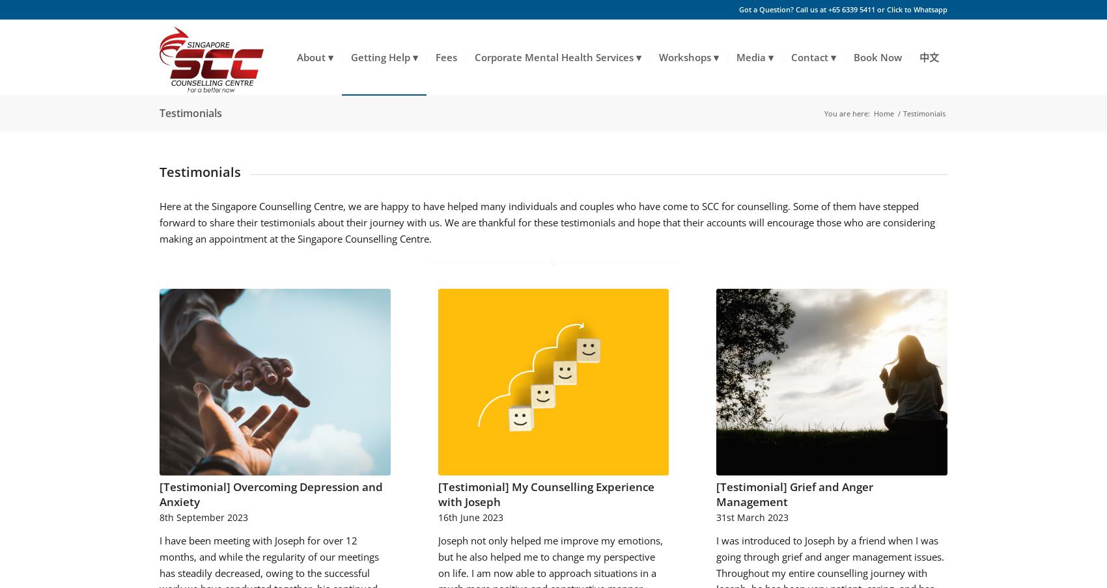 The image size is (1107, 588). Describe the element at coordinates (203, 516) in the screenshot. I see `'8th September 2023'` at that location.